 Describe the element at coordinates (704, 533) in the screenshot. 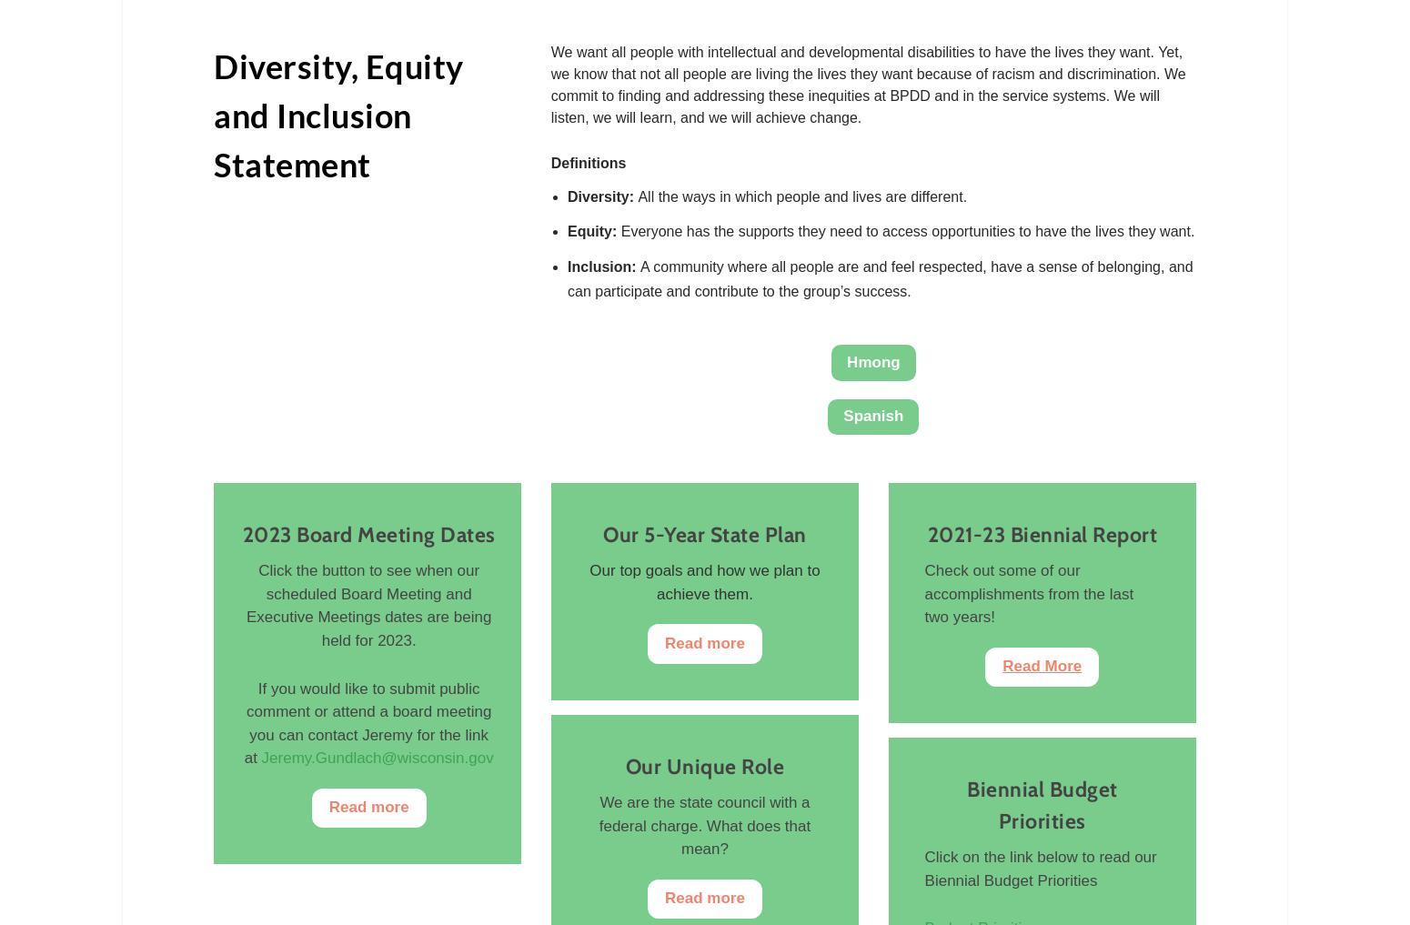

I see `'Our 5-Year State Plan'` at that location.